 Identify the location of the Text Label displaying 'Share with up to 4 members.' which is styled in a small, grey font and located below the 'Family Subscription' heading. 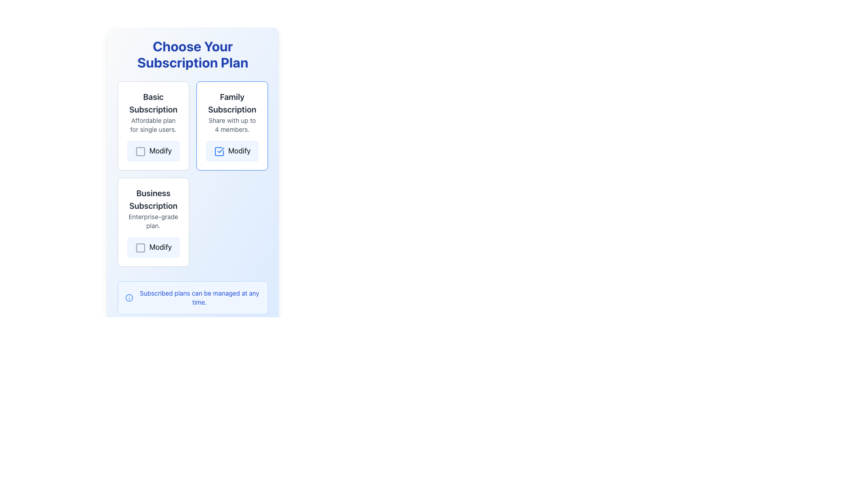
(232, 125).